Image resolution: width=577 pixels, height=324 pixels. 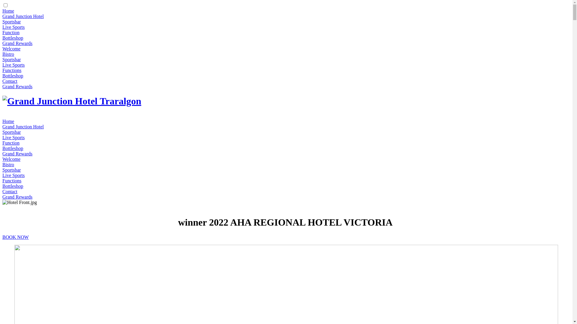 What do you see at coordinates (12, 180) in the screenshot?
I see `'Functions'` at bounding box center [12, 180].